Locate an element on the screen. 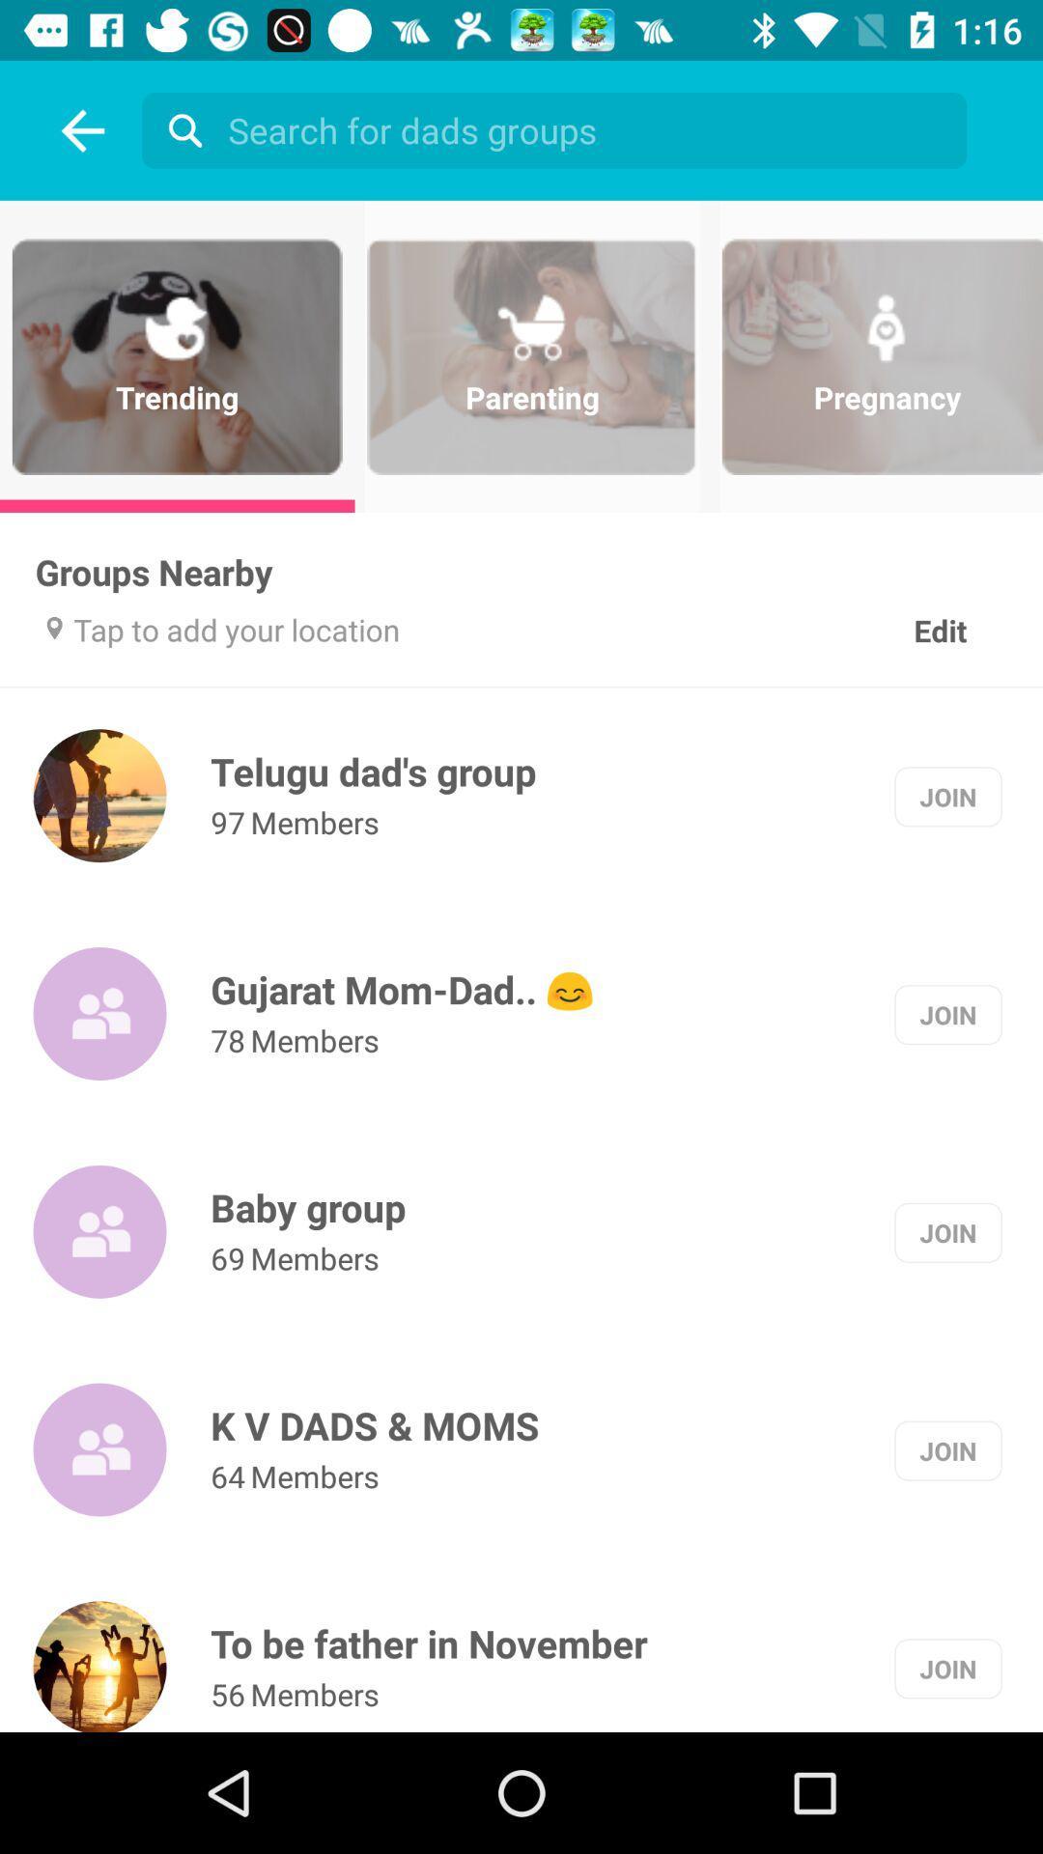 The image size is (1043, 1854). the join button which is to the right side of baby group option is located at coordinates (947, 1231).